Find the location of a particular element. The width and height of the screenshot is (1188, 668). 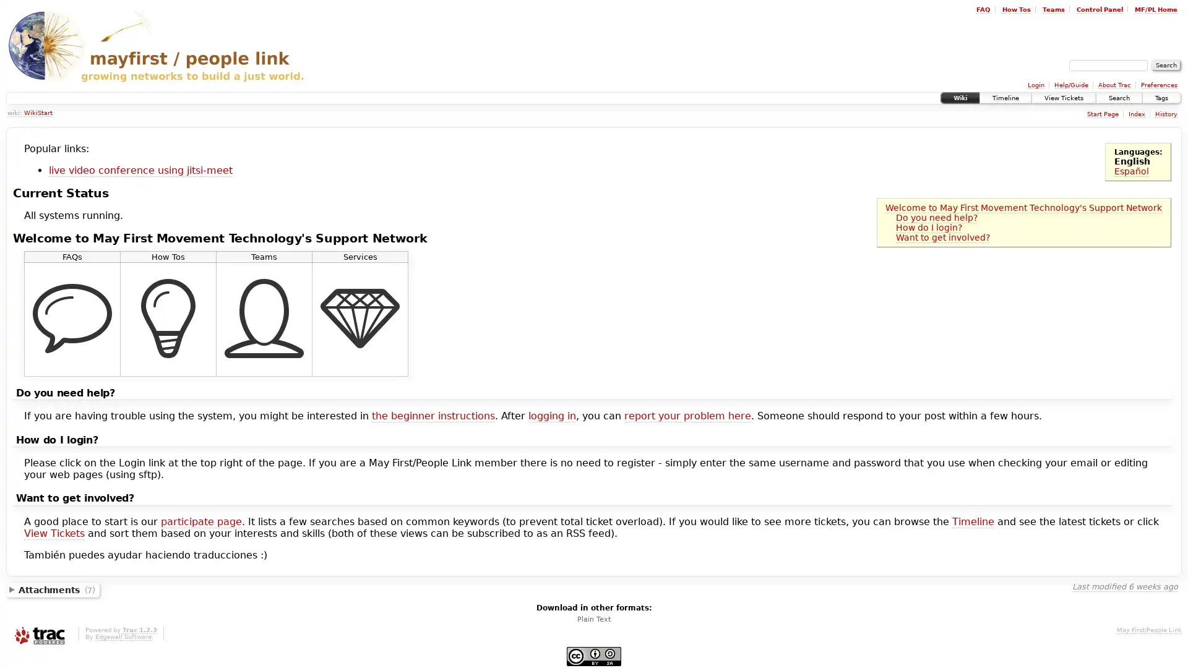

Search is located at coordinates (1166, 65).